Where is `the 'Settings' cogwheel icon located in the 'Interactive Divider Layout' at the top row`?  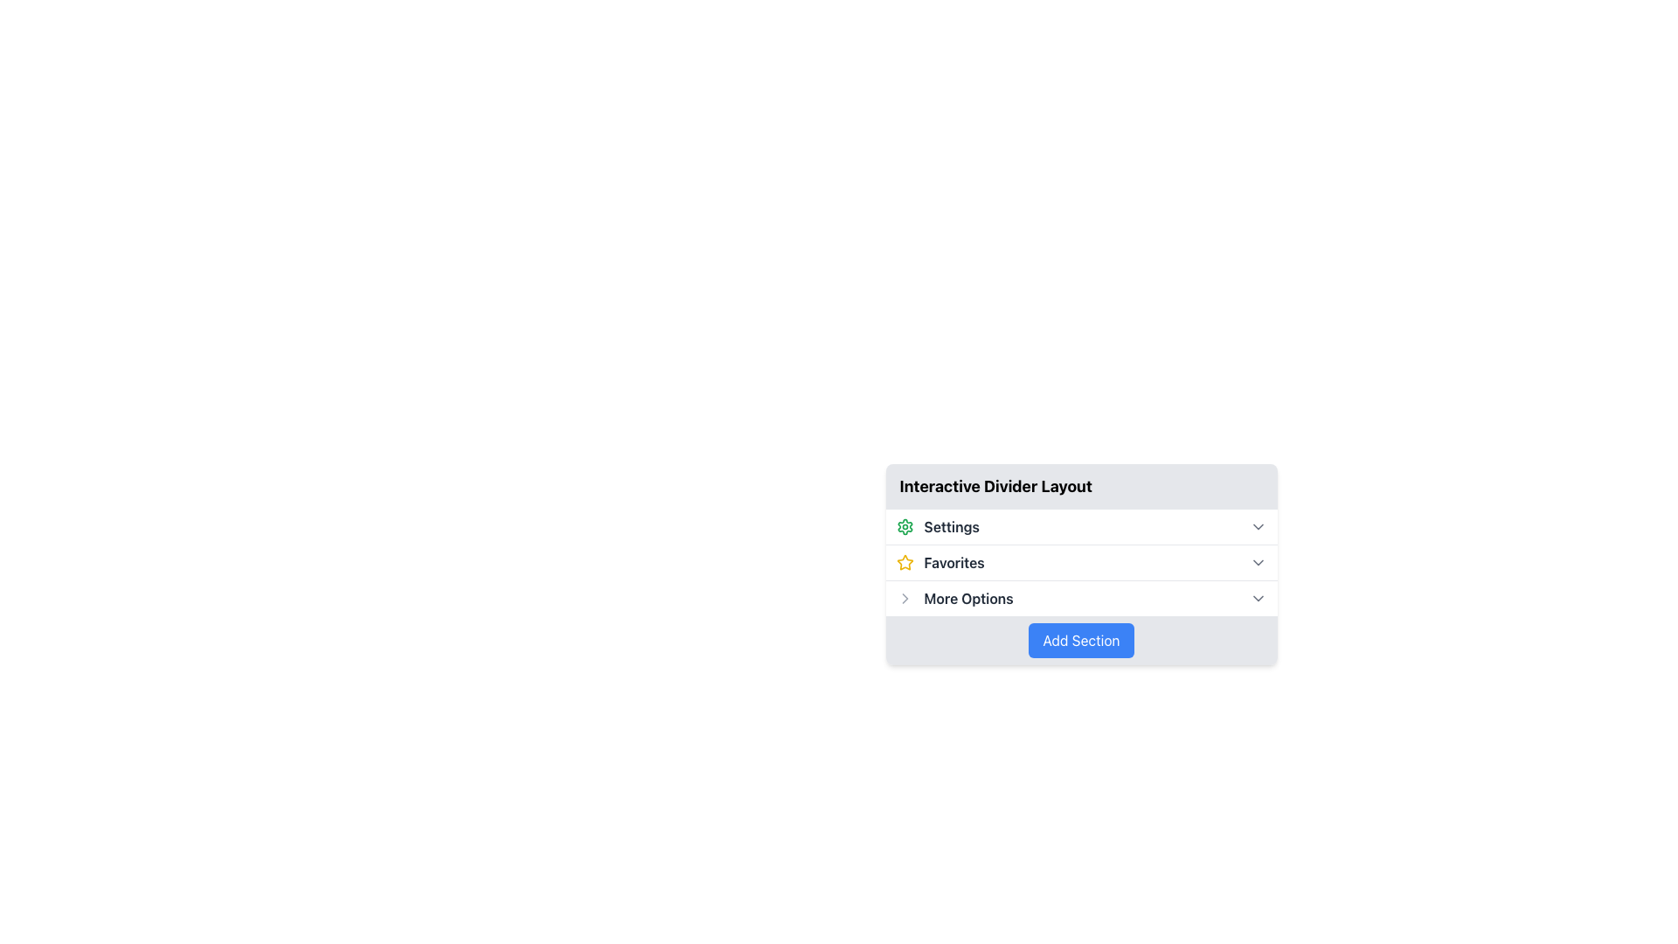 the 'Settings' cogwheel icon located in the 'Interactive Divider Layout' at the top row is located at coordinates (905, 525).